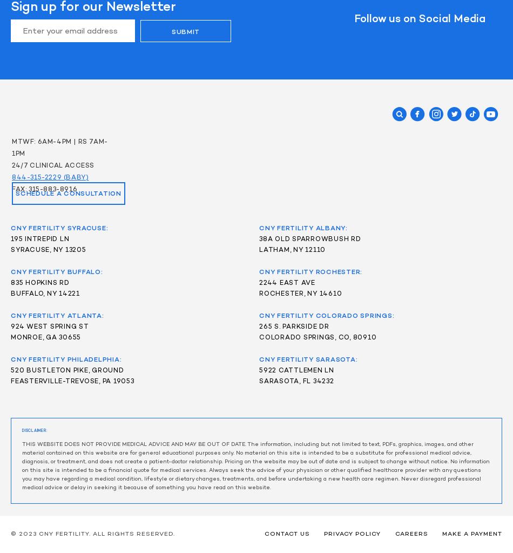  What do you see at coordinates (185, 31) in the screenshot?
I see `'Submit'` at bounding box center [185, 31].